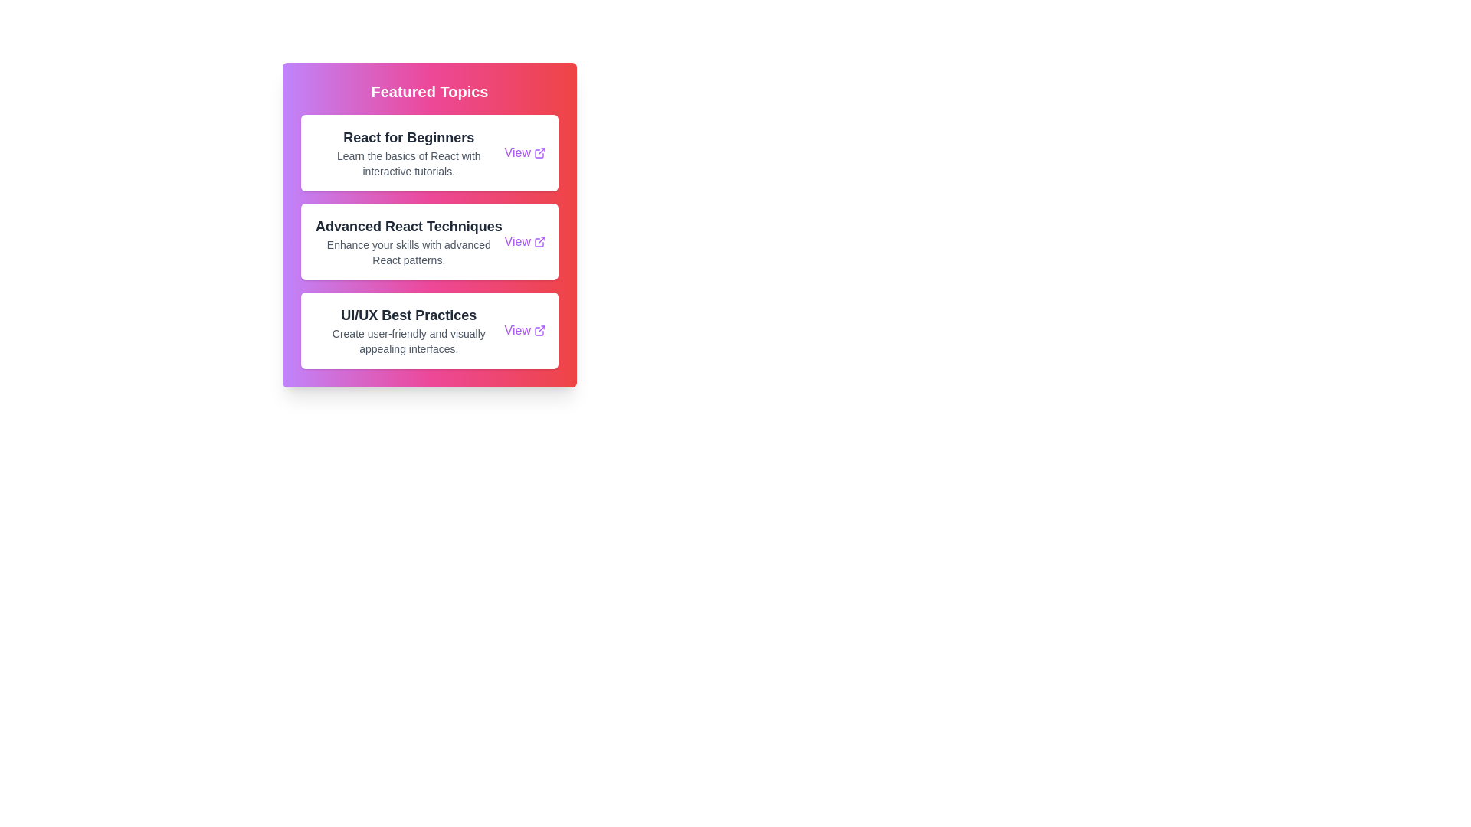 Image resolution: width=1471 pixels, height=827 pixels. What do you see at coordinates (408, 241) in the screenshot?
I see `the text block titled 'Advanced React Techniques' which contains the subtitle 'Enhance your skills with advanced React patterns.'` at bounding box center [408, 241].